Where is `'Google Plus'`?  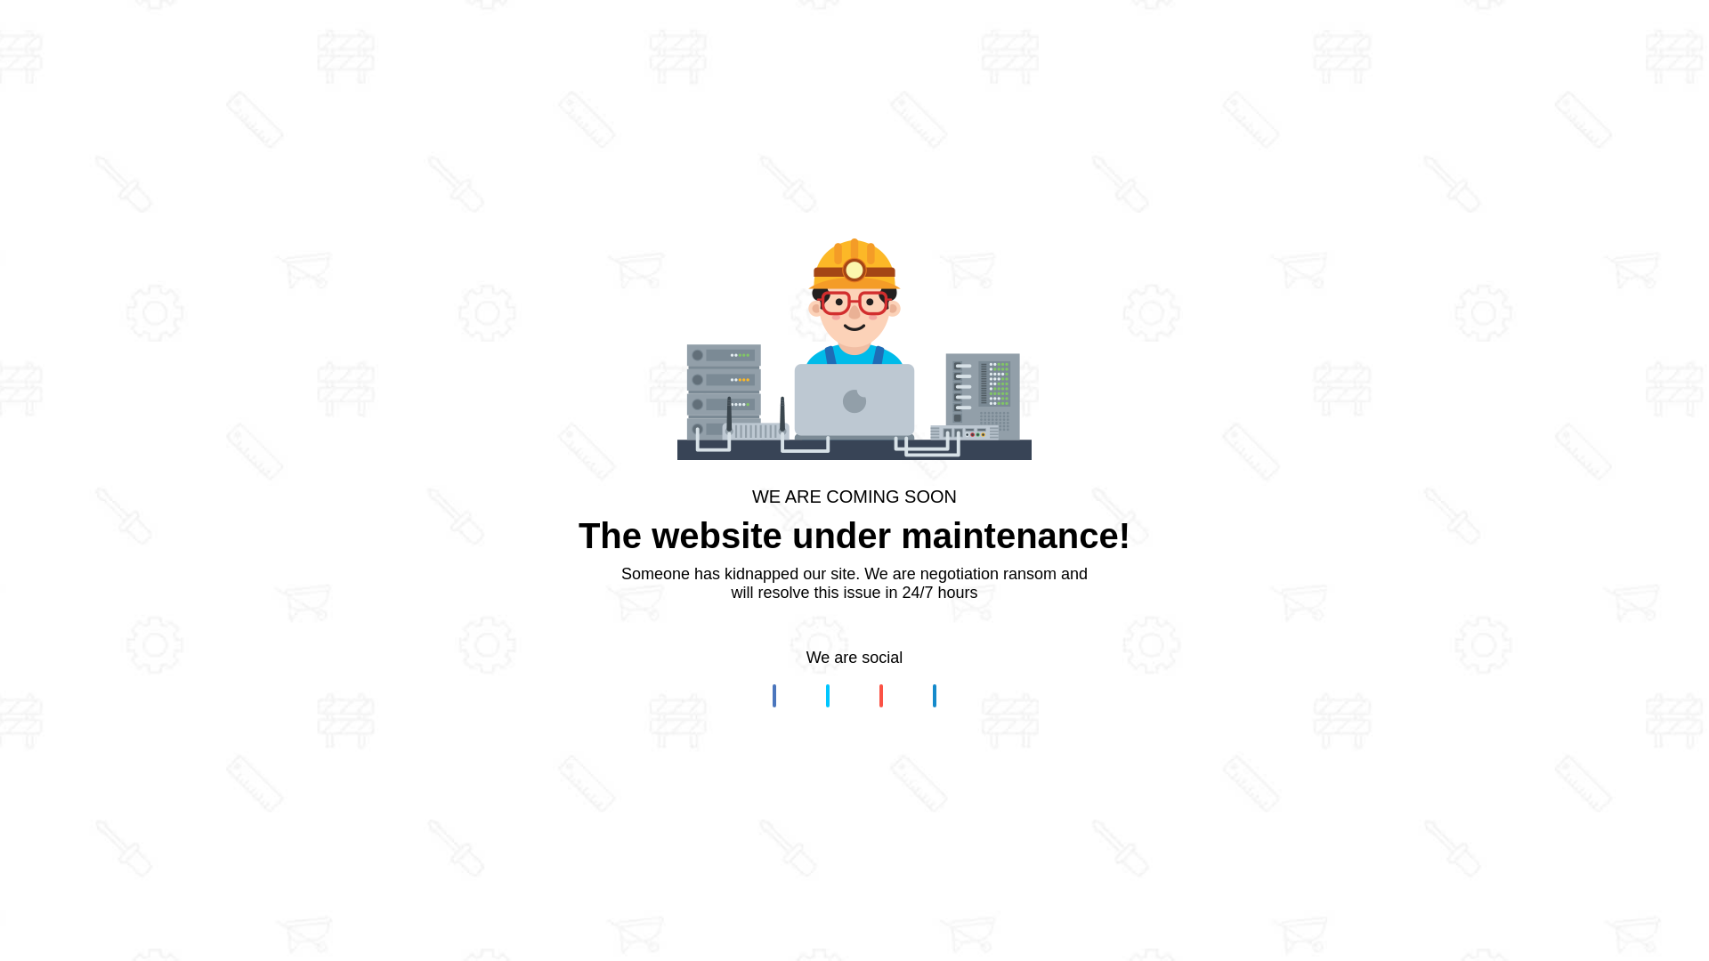
'Google Plus' is located at coordinates (880, 695).